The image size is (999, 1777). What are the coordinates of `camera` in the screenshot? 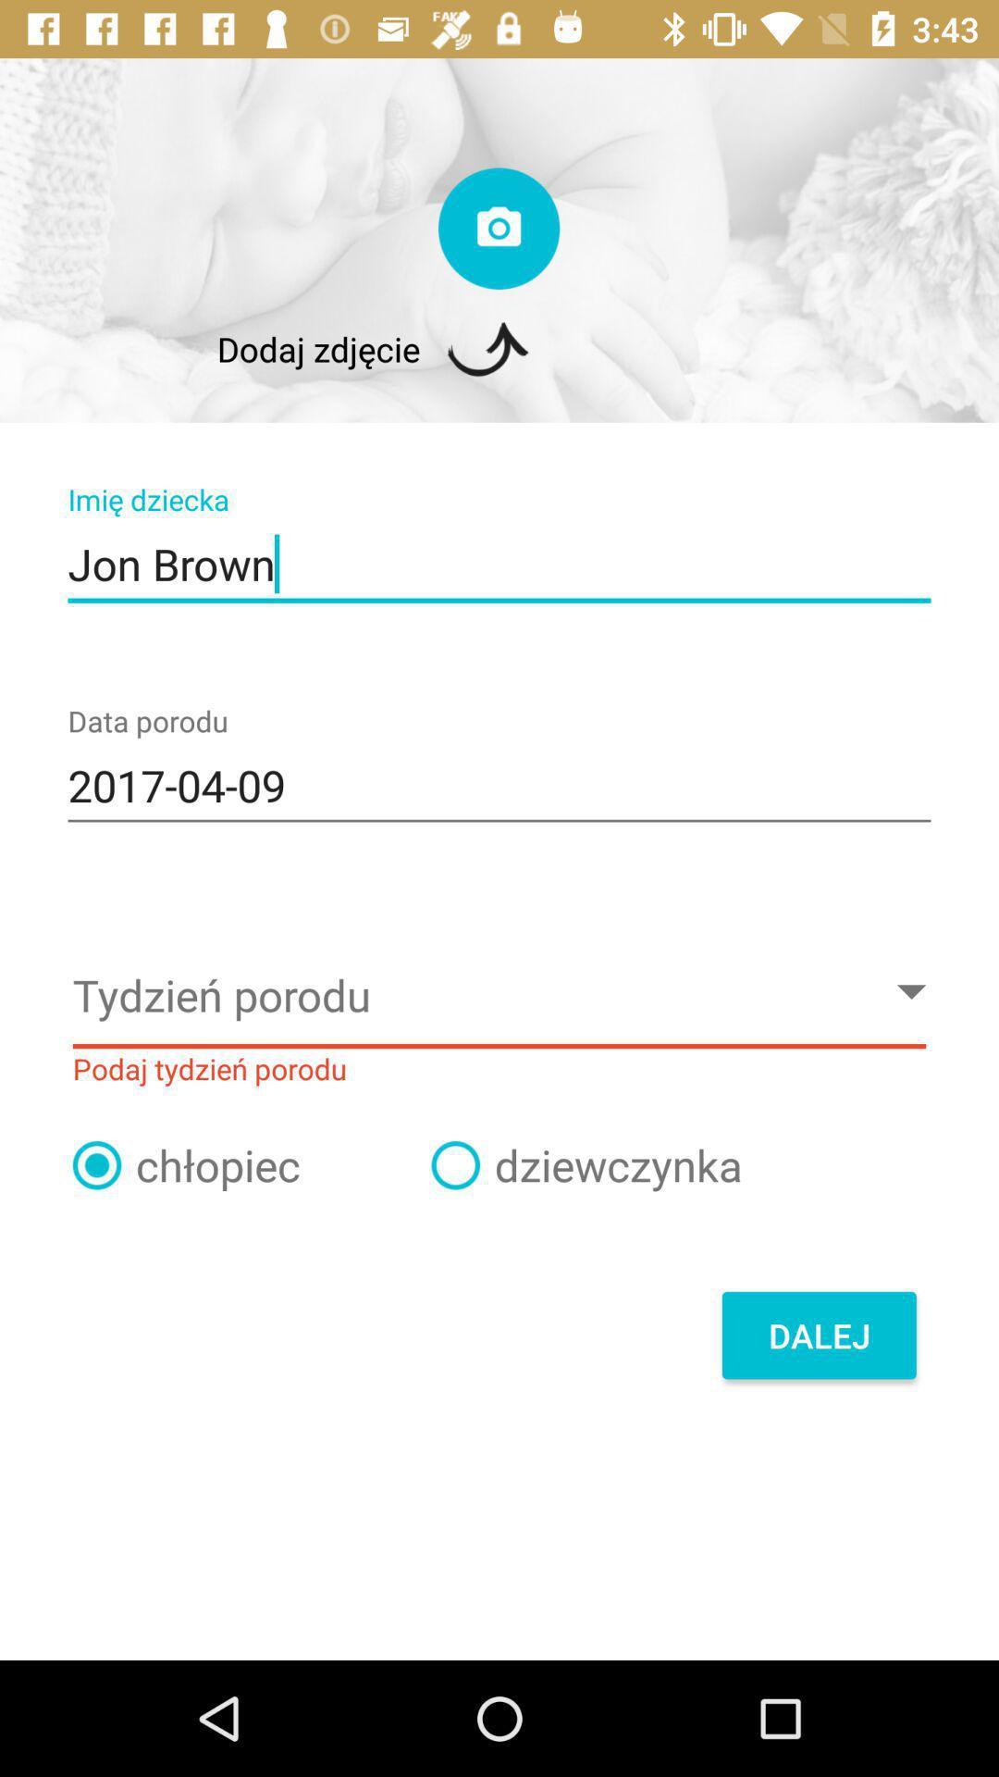 It's located at (498, 228).